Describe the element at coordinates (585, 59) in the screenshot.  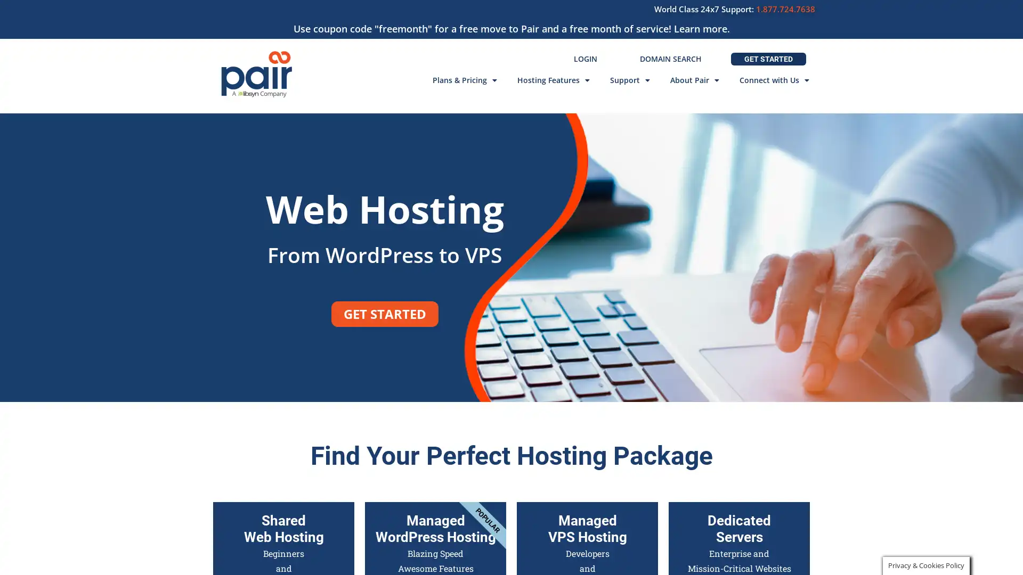
I see `LOGIN` at that location.